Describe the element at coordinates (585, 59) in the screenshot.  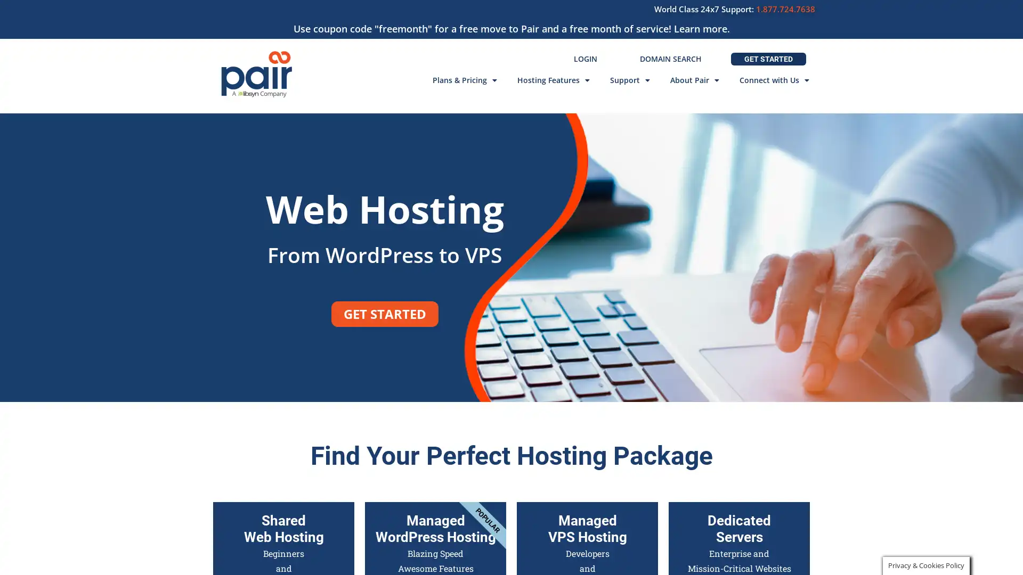
I see `LOGIN` at that location.